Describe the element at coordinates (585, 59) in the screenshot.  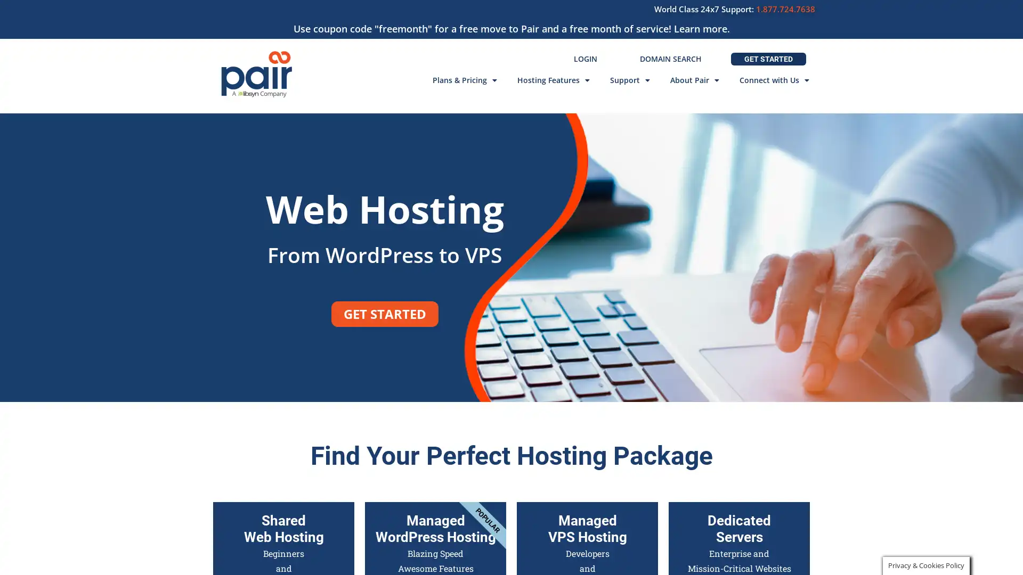
I see `LOGIN` at that location.